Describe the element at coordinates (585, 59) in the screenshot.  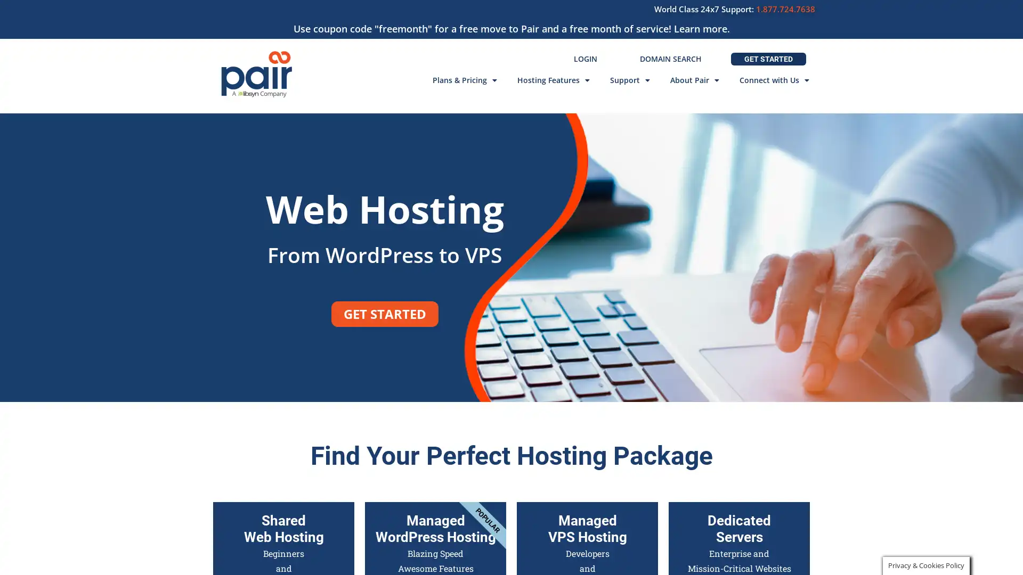
I see `LOGIN` at that location.